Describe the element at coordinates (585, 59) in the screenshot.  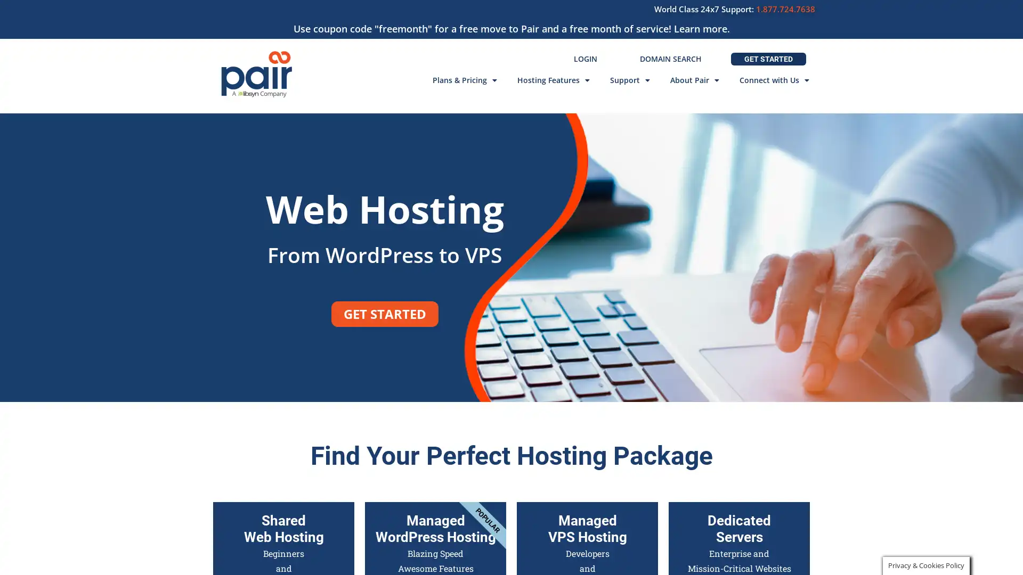
I see `LOGIN` at that location.